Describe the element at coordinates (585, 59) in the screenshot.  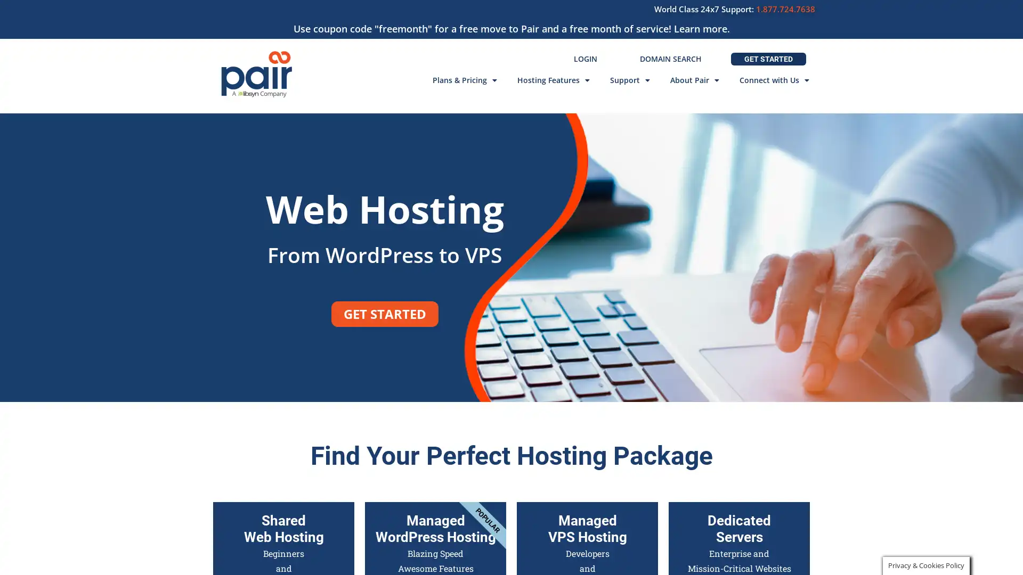
I see `LOGIN` at that location.